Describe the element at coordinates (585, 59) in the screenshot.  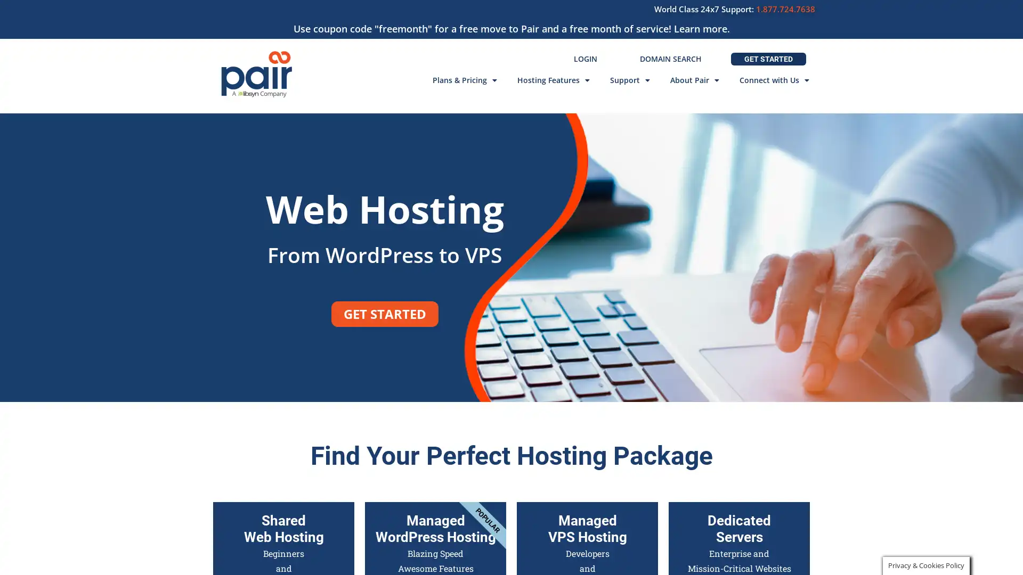
I see `LOGIN` at that location.